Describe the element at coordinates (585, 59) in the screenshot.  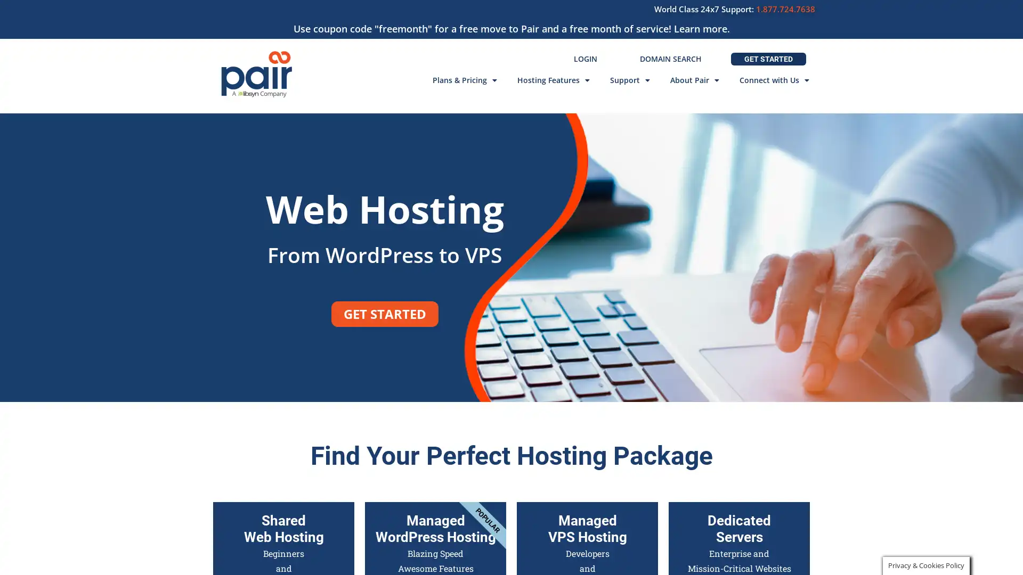
I see `LOGIN` at that location.